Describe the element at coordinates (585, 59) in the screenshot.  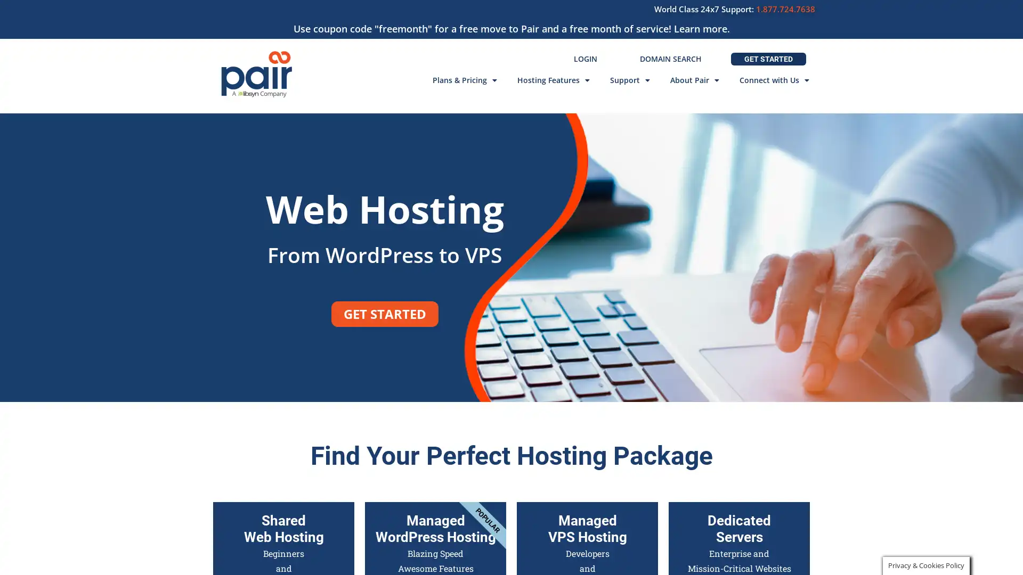
I see `LOGIN` at that location.